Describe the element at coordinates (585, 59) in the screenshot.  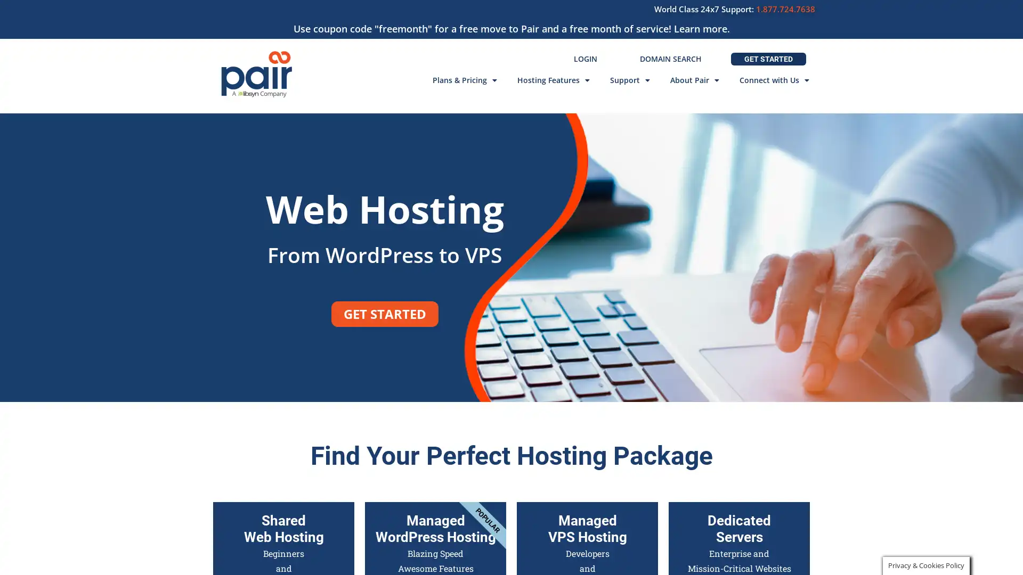
I see `LOGIN` at that location.